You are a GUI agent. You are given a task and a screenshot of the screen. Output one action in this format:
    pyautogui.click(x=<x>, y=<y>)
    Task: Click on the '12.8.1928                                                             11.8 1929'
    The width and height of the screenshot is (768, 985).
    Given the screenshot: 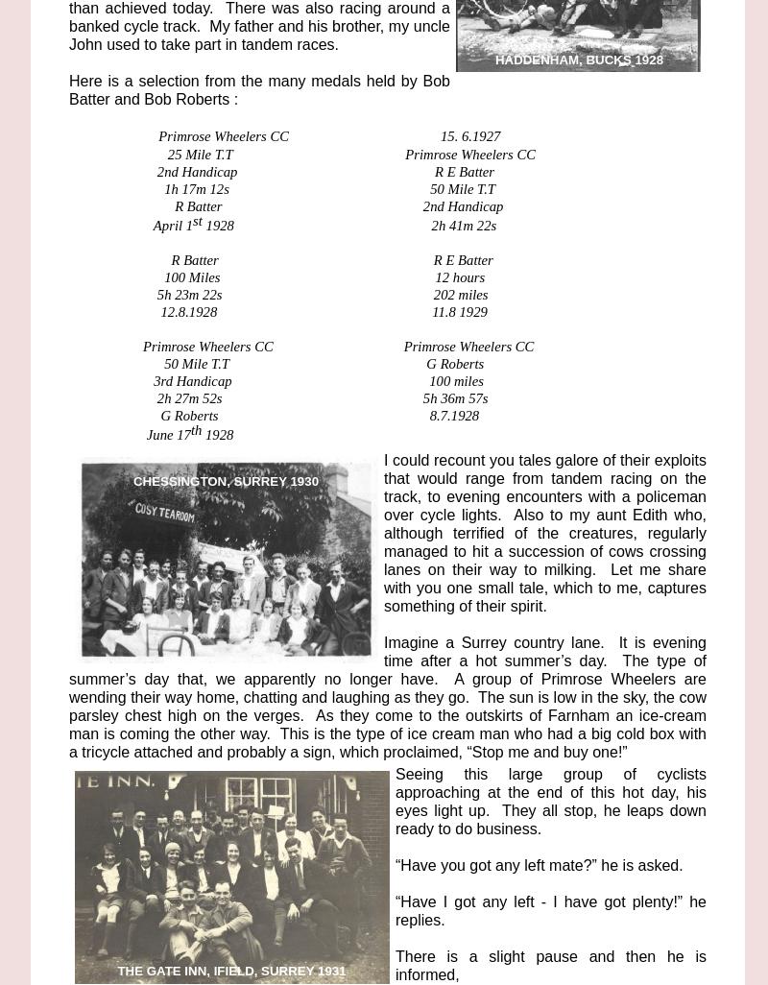 What is the action you would take?
    pyautogui.click(x=277, y=311)
    